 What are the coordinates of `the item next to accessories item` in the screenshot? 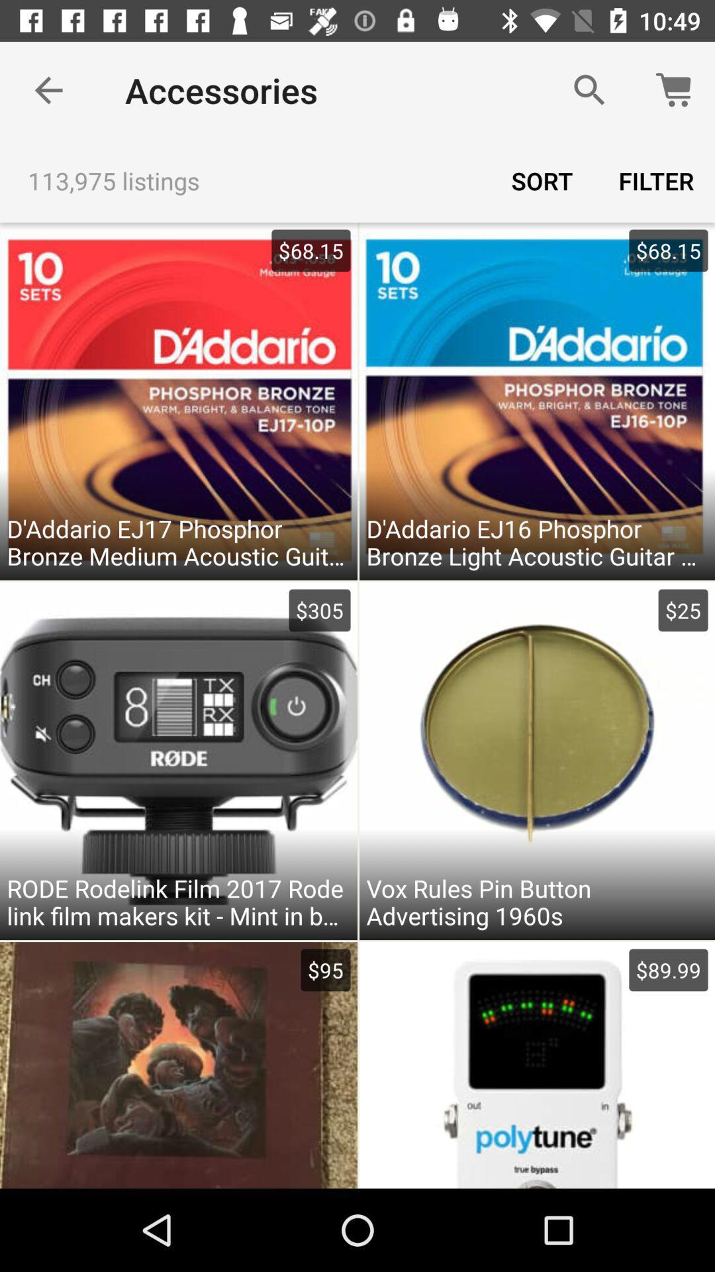 It's located at (48, 89).